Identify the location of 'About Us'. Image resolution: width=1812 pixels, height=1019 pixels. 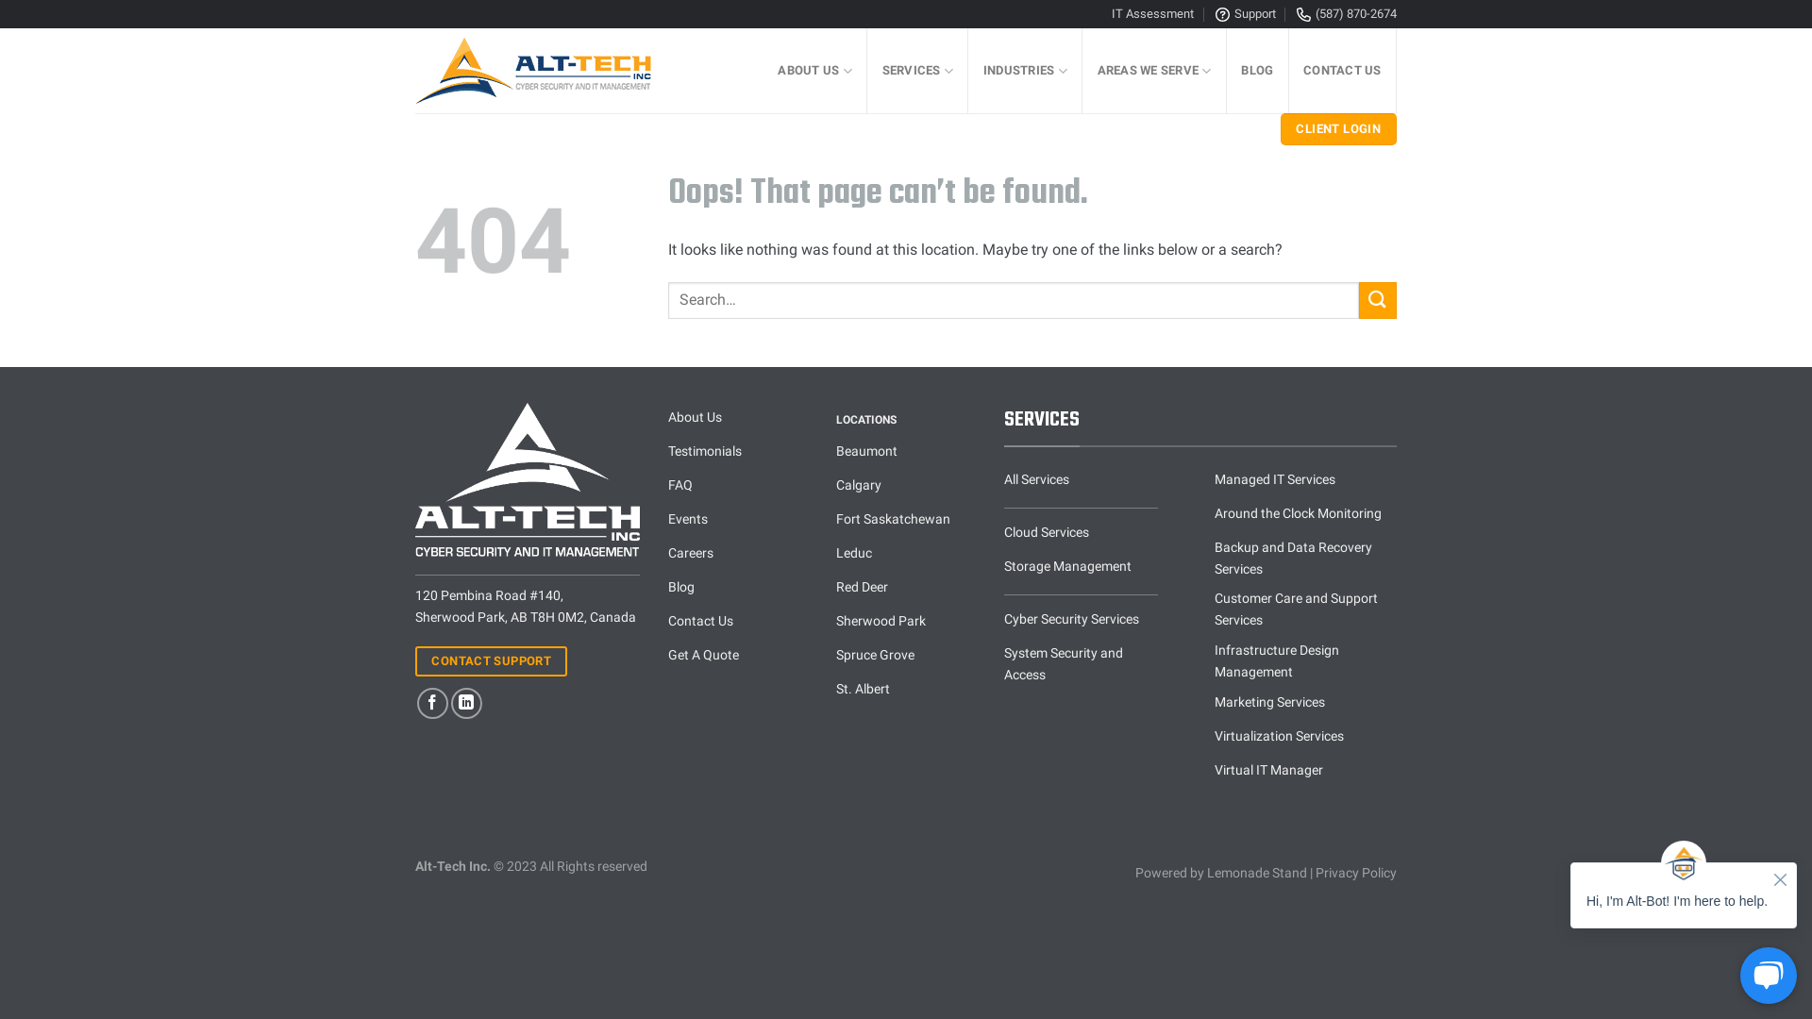
(737, 418).